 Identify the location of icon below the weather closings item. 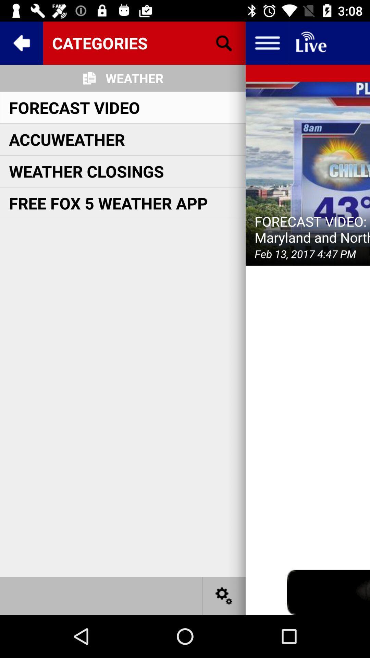
(108, 203).